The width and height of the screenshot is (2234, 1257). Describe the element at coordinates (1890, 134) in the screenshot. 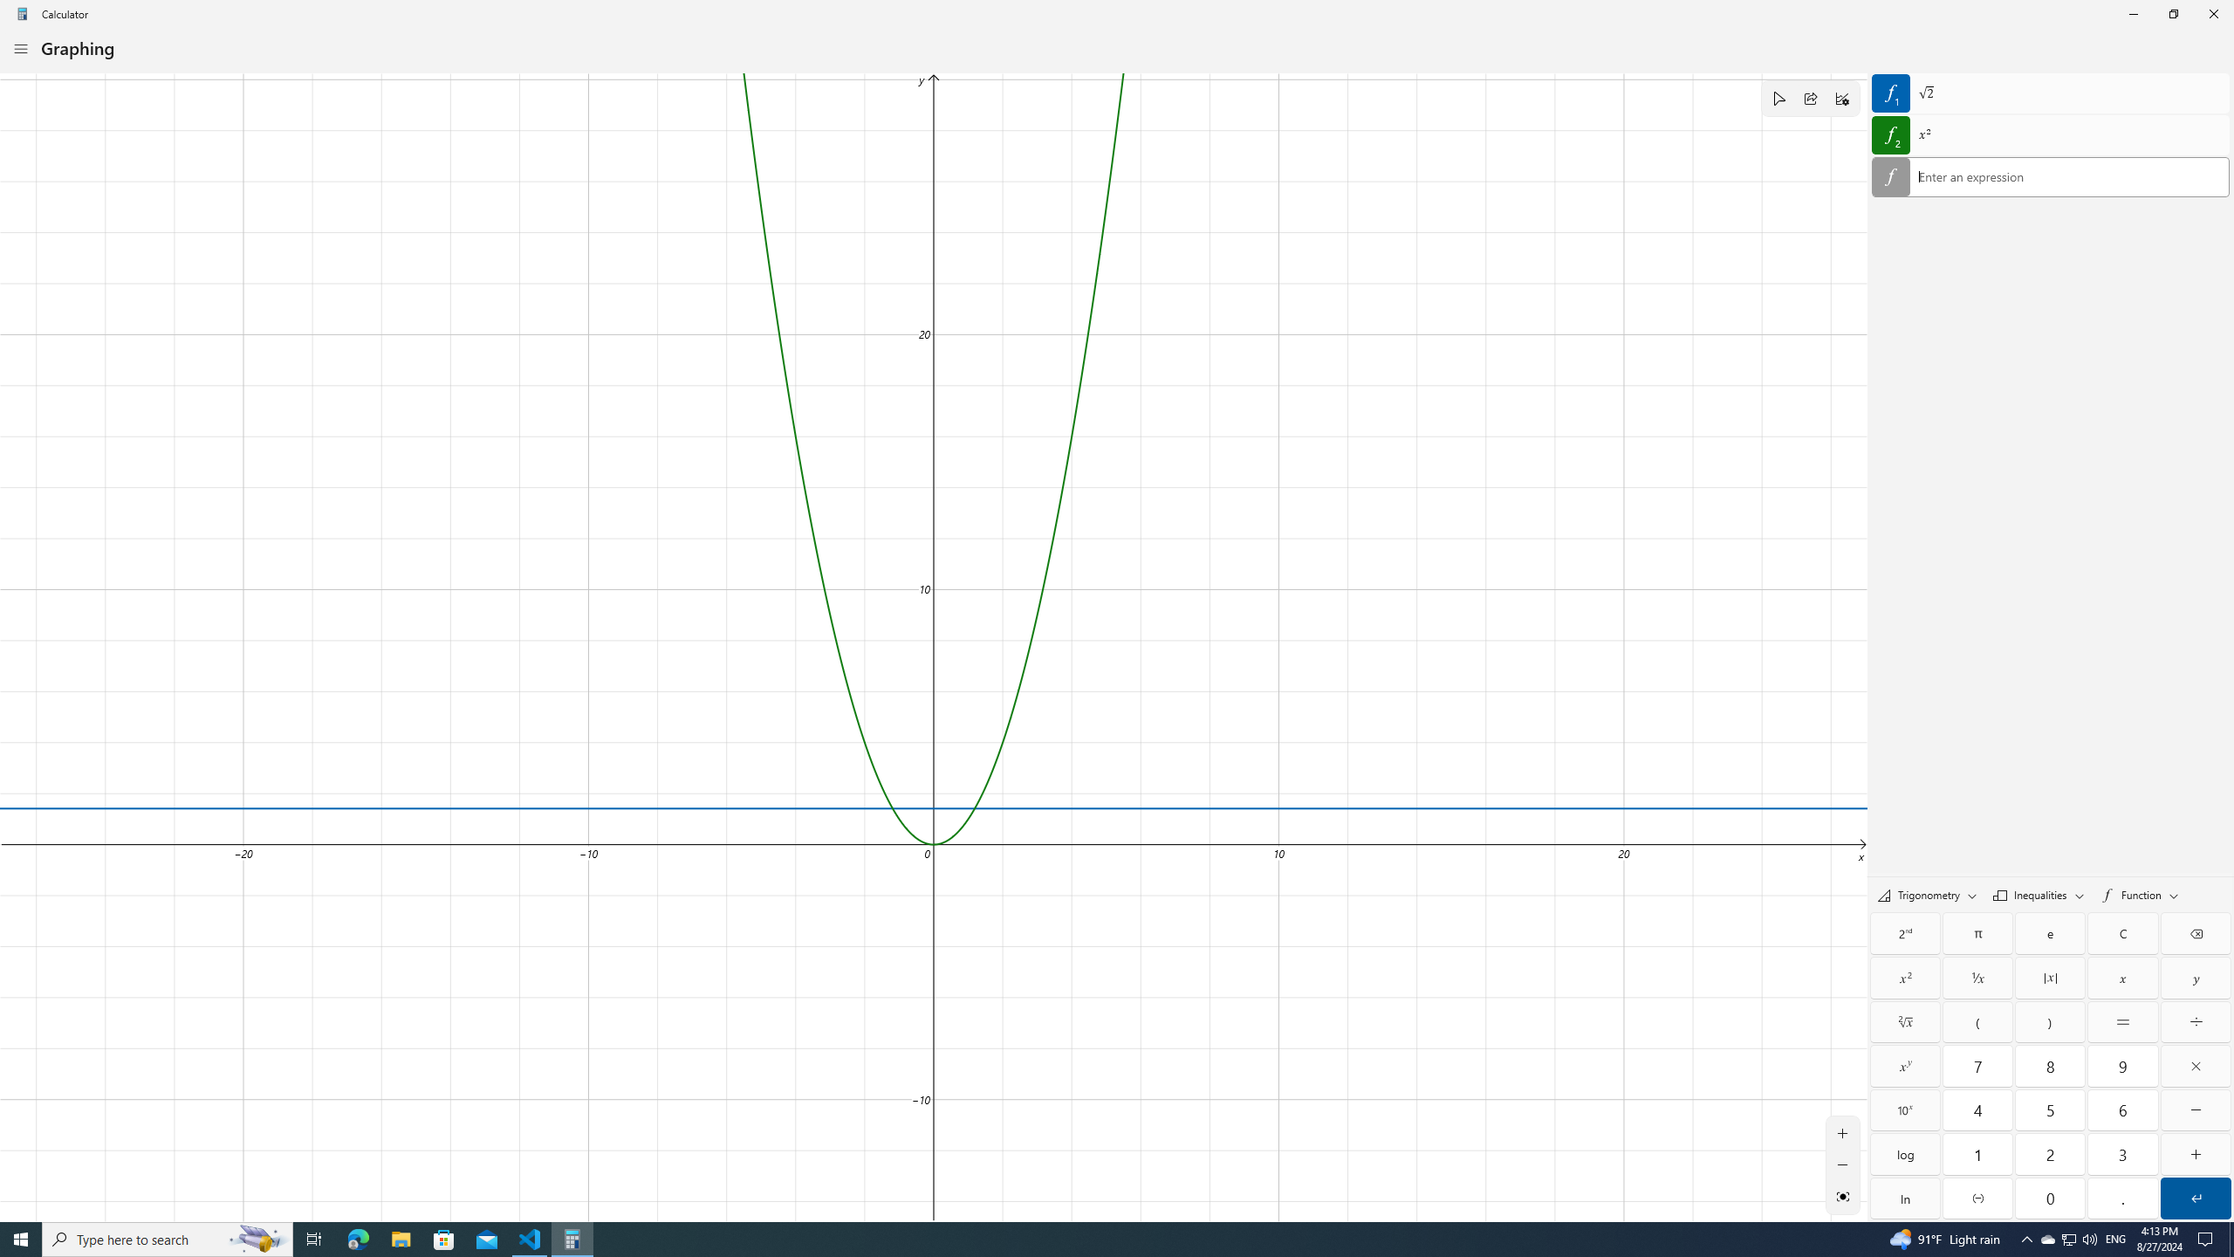

I see `'Hide equation 2'` at that location.